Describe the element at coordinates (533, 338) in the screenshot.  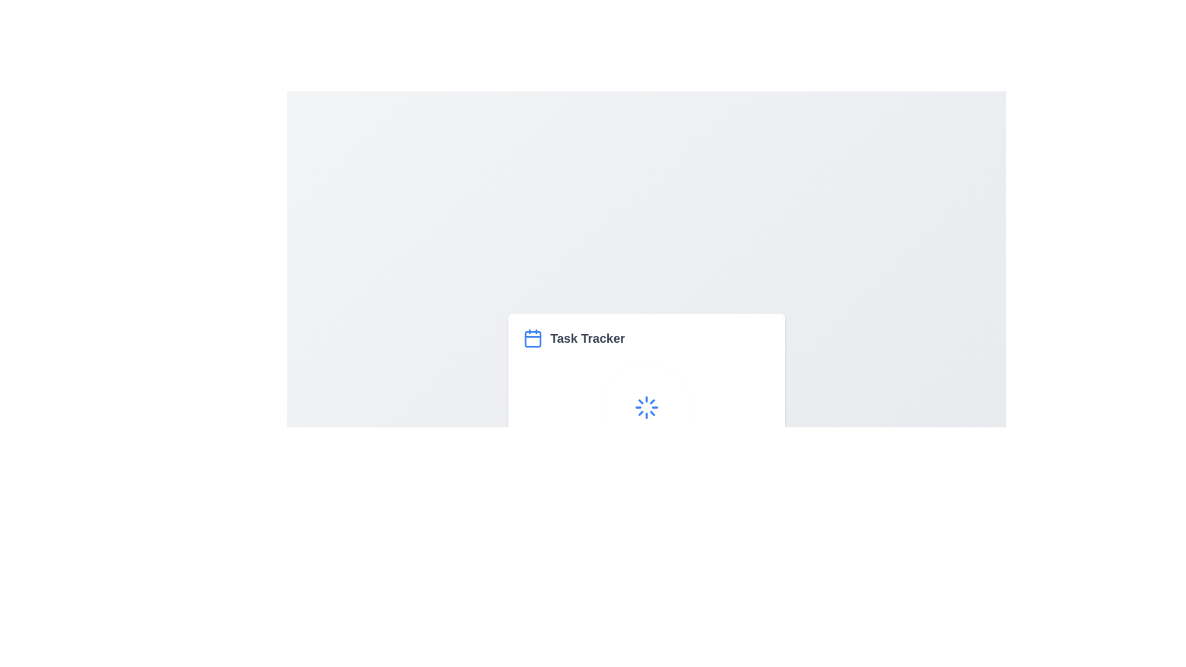
I see `the calendar icon associated with the 'Task Tracker' label, located to the left of the text within the 'Task Tracker' section` at that location.